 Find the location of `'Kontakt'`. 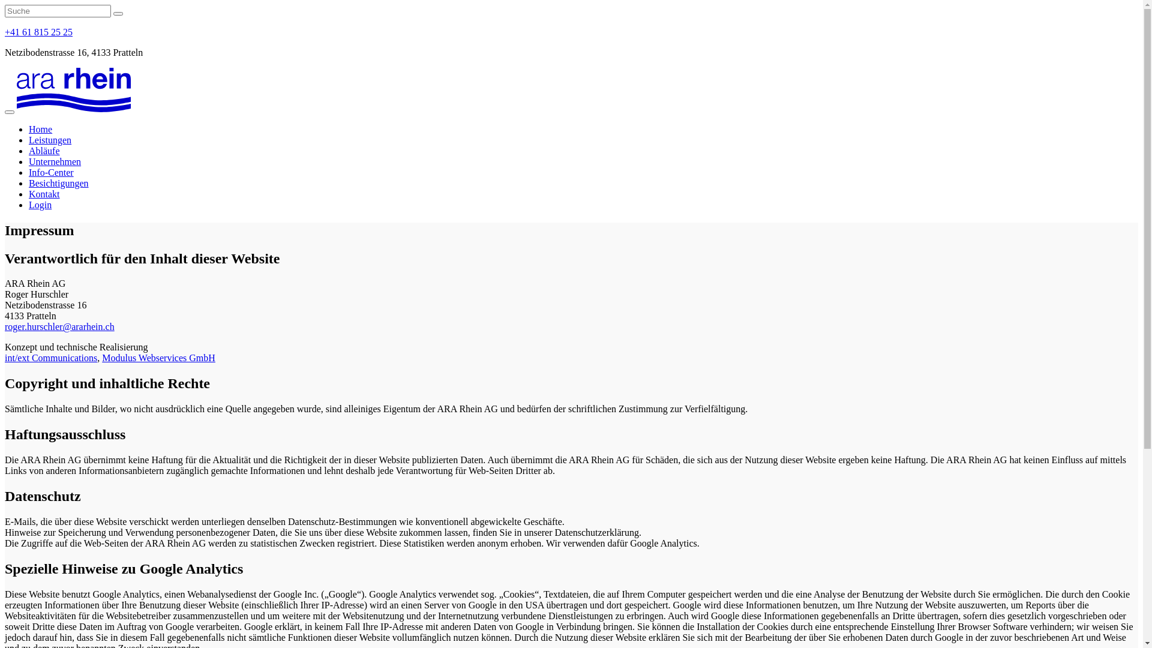

'Kontakt' is located at coordinates (44, 193).